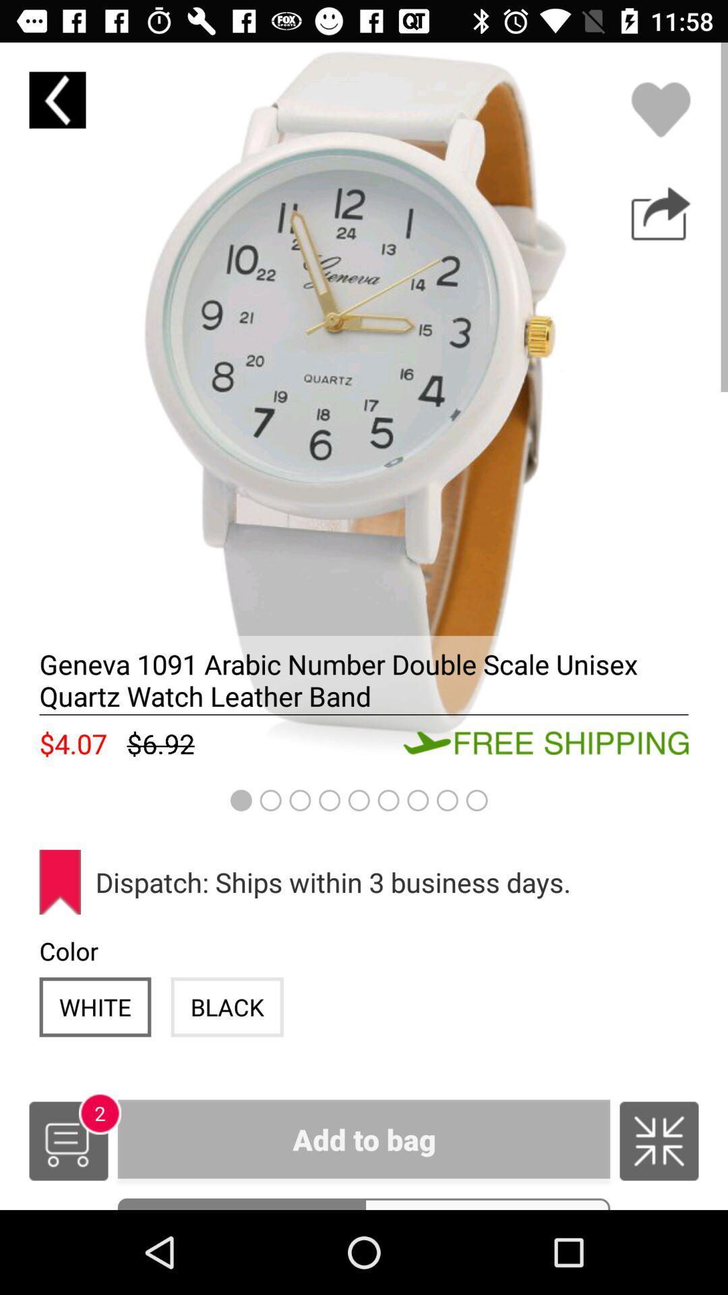 Image resolution: width=728 pixels, height=1295 pixels. Describe the element at coordinates (94, 1007) in the screenshot. I see `white icon` at that location.